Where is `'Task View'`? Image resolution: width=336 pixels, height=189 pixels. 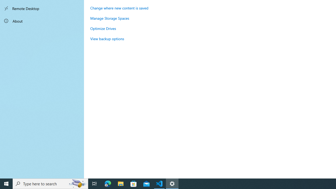 'Task View' is located at coordinates (94, 183).